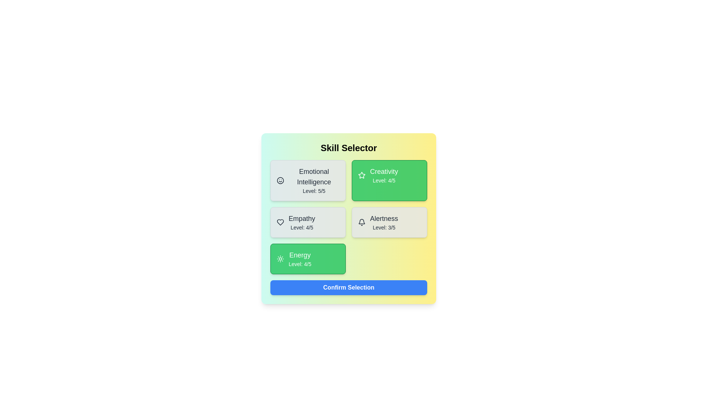 The image size is (717, 403). I want to click on the skill card identified by Empathy, so click(308, 222).